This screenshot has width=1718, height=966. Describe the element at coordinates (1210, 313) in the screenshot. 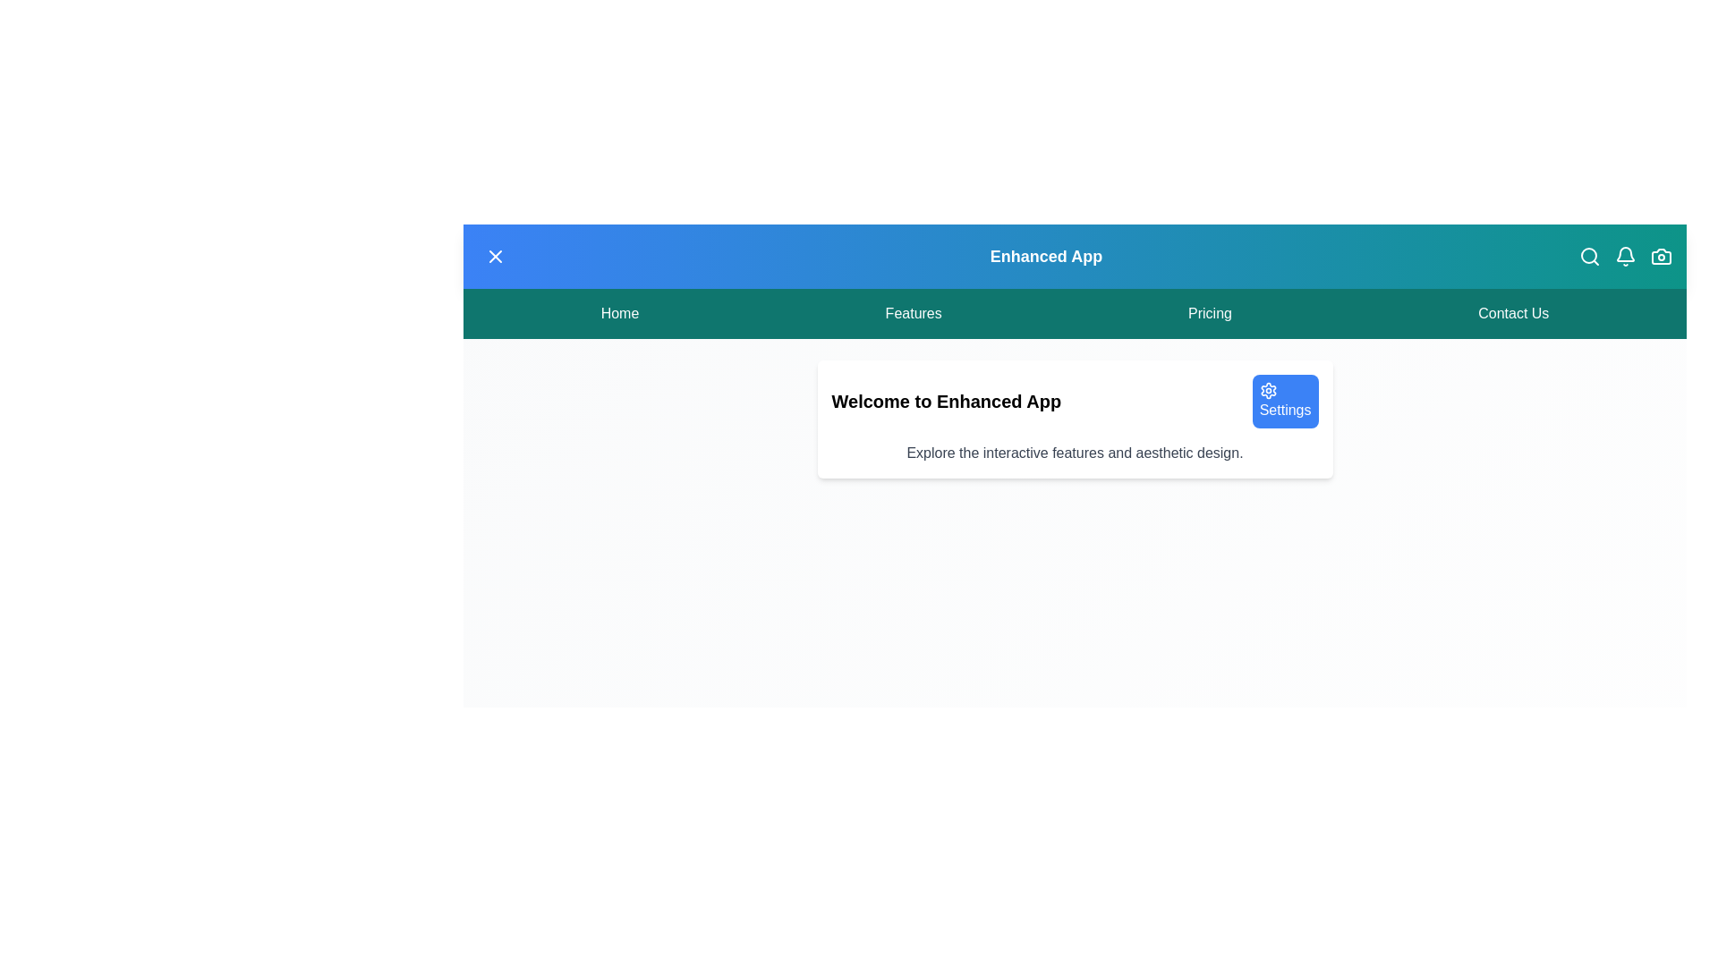

I see `the menu item Pricing from the menu bar` at that location.